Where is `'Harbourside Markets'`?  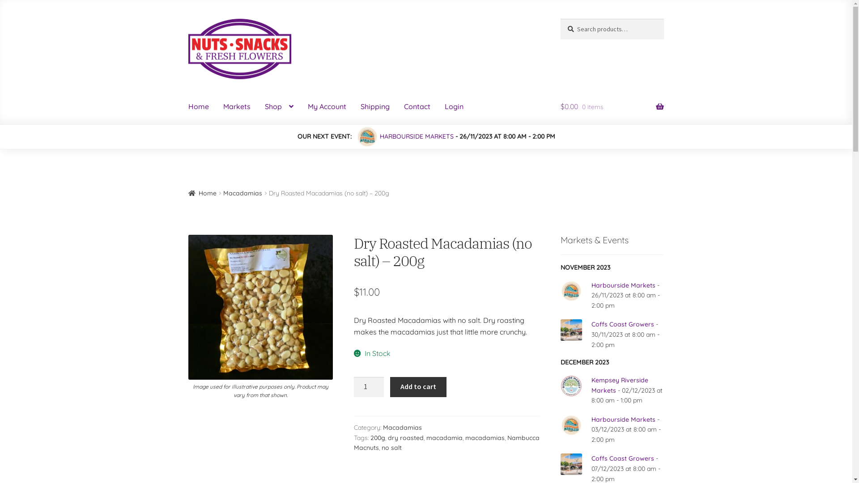 'Harbourside Markets' is located at coordinates (623, 285).